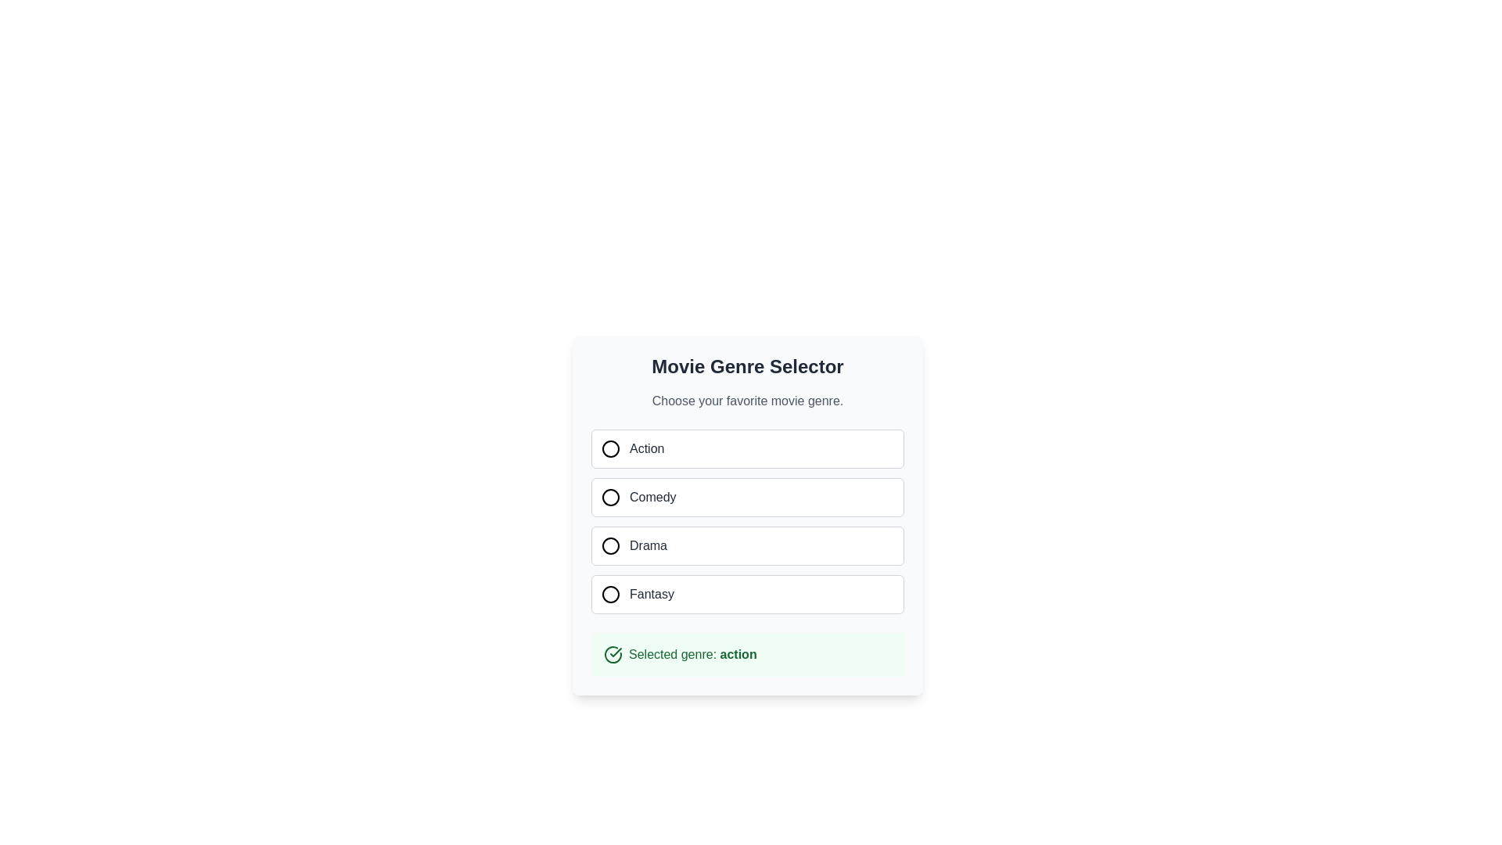 The image size is (1502, 845). What do you see at coordinates (610, 594) in the screenshot?
I see `the SVG circle element representing the selected radio button for the 'Fantasy' option in the Movie Genre Selector interface` at bounding box center [610, 594].